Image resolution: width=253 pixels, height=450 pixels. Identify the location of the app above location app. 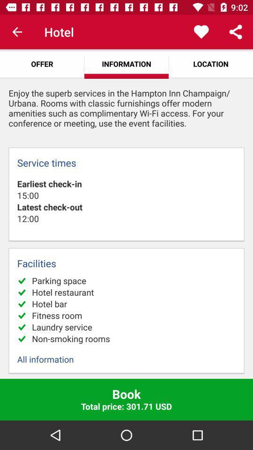
(235, 32).